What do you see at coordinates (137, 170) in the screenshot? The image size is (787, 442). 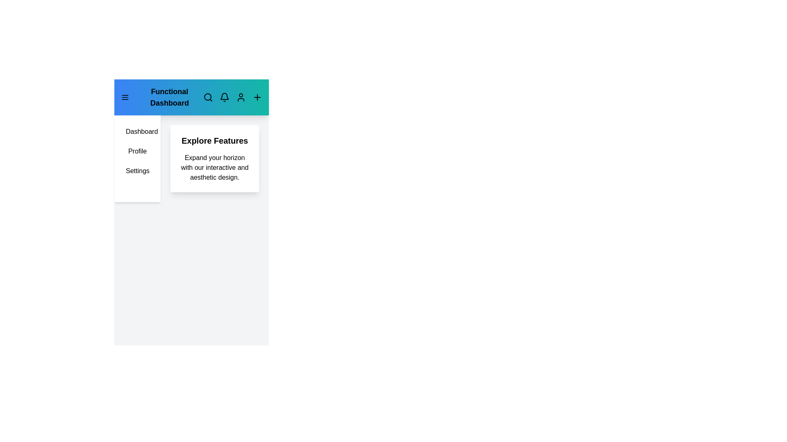 I see `the sidebar menu item Settings` at bounding box center [137, 170].